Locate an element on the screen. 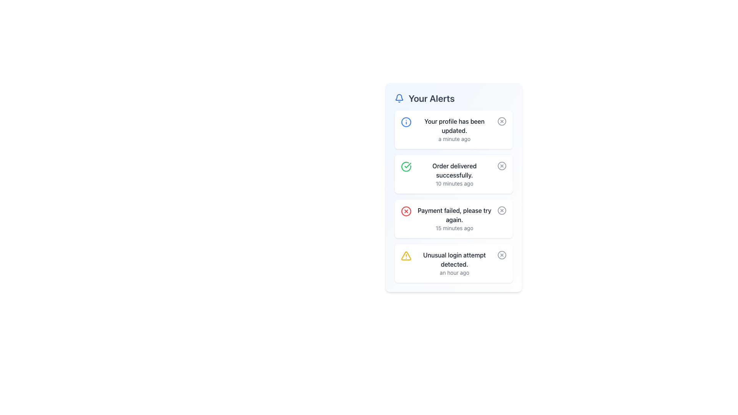 This screenshot has height=415, width=738. the vector graphic circle that serves as a close or dismiss button for the first alert in the alerts list, which is located to the far-right of the alert item is located at coordinates (502, 121).